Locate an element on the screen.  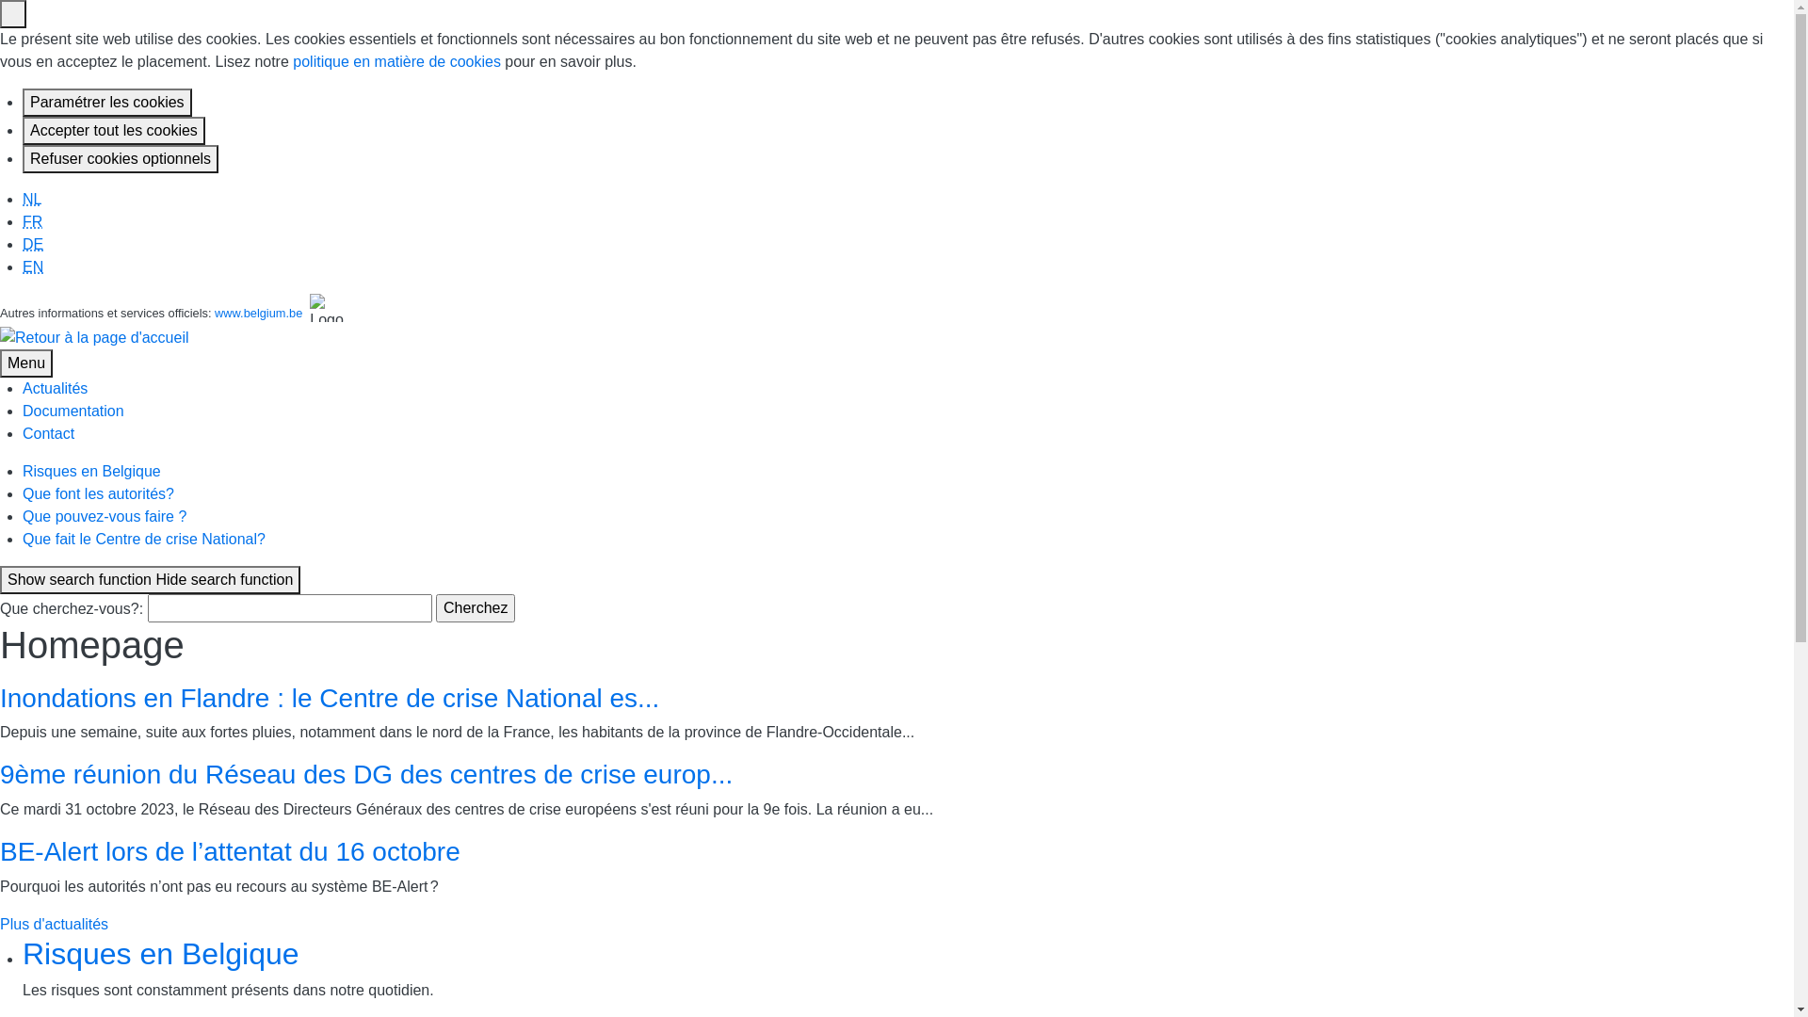
'Fermer' is located at coordinates (13, 14).